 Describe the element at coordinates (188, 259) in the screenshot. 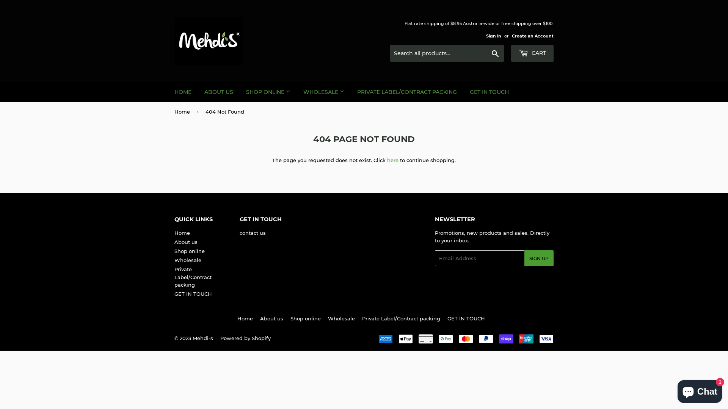

I see `'Wholesale'` at that location.